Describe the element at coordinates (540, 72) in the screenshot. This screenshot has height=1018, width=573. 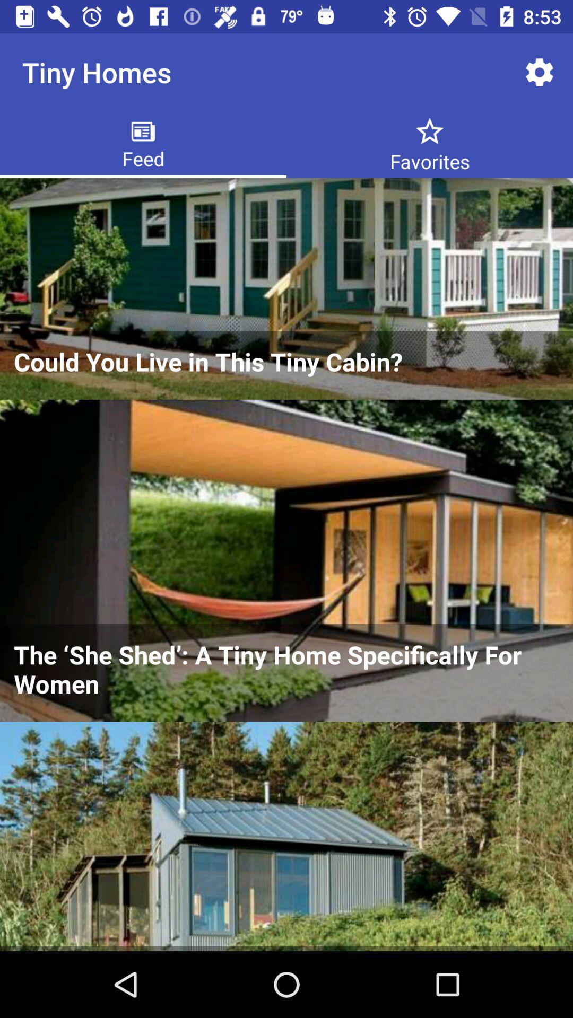
I see `the icon next to tiny homes item` at that location.